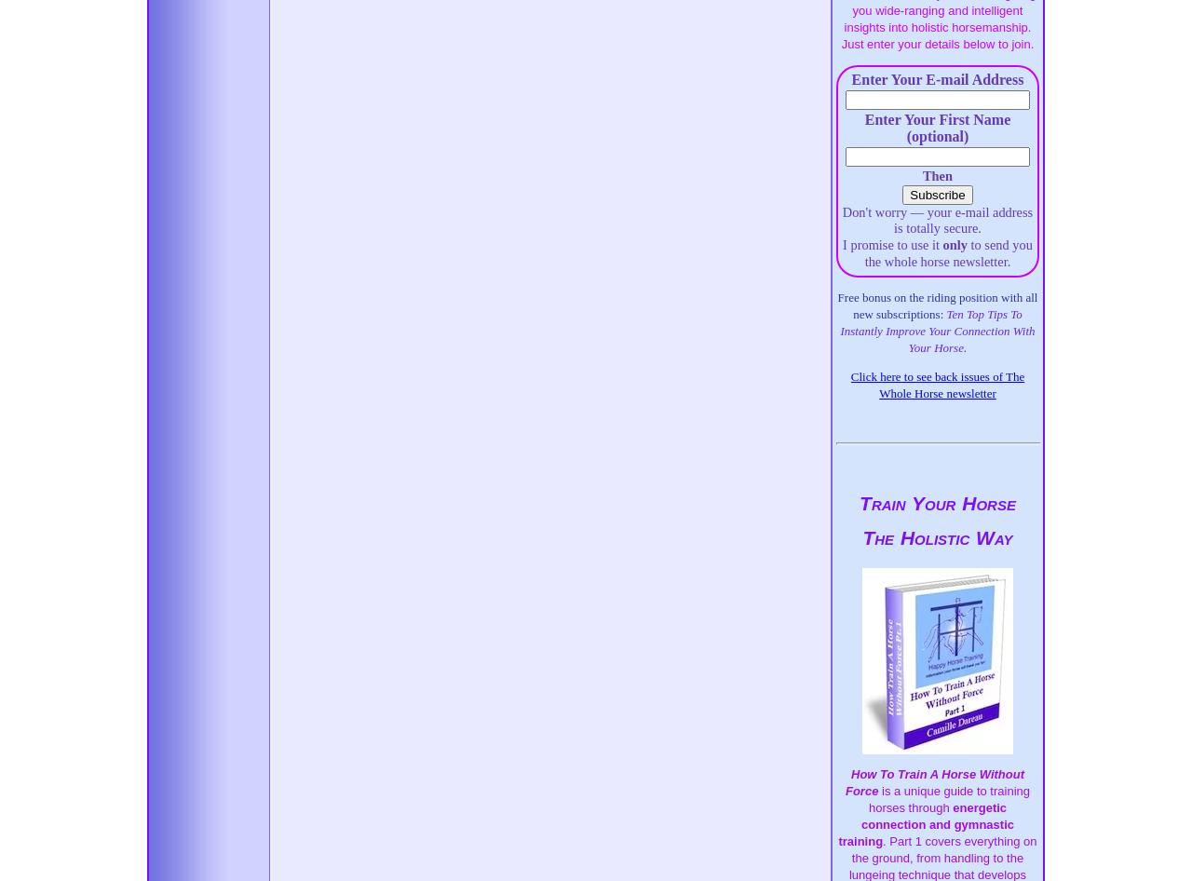  I want to click on 'Train Your Horse', so click(937, 503).